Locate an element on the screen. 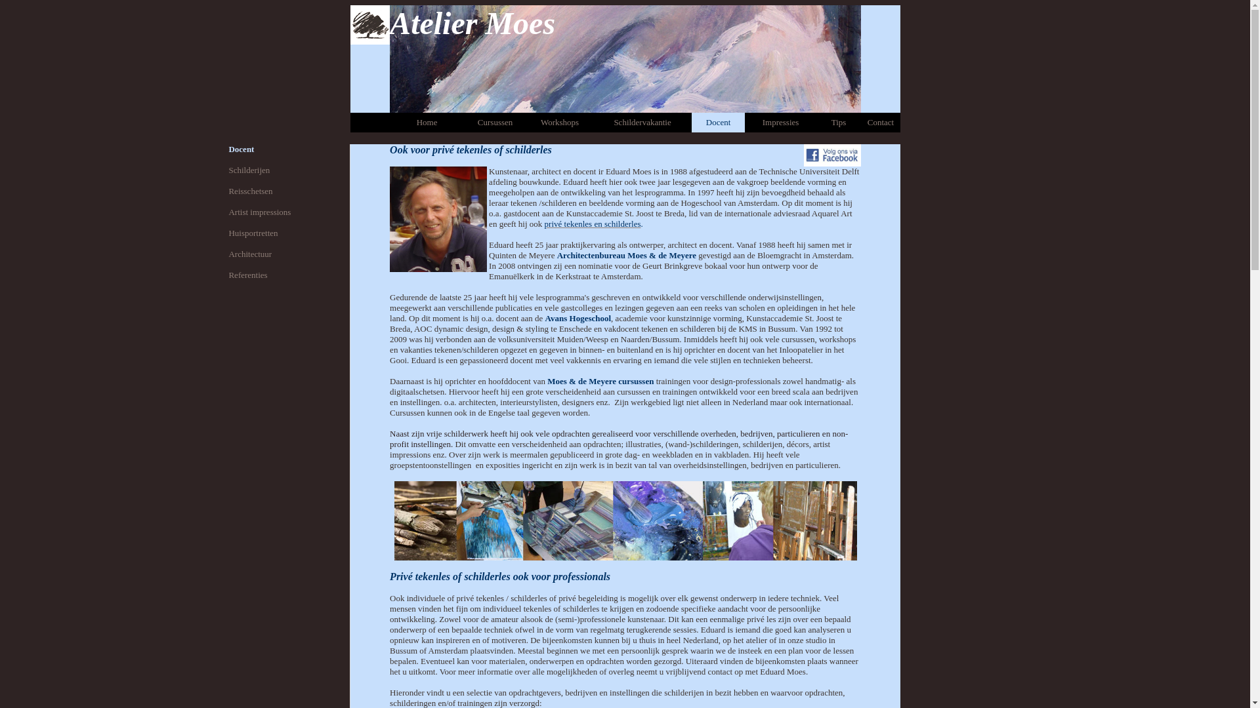  'Impressies' is located at coordinates (762, 122).